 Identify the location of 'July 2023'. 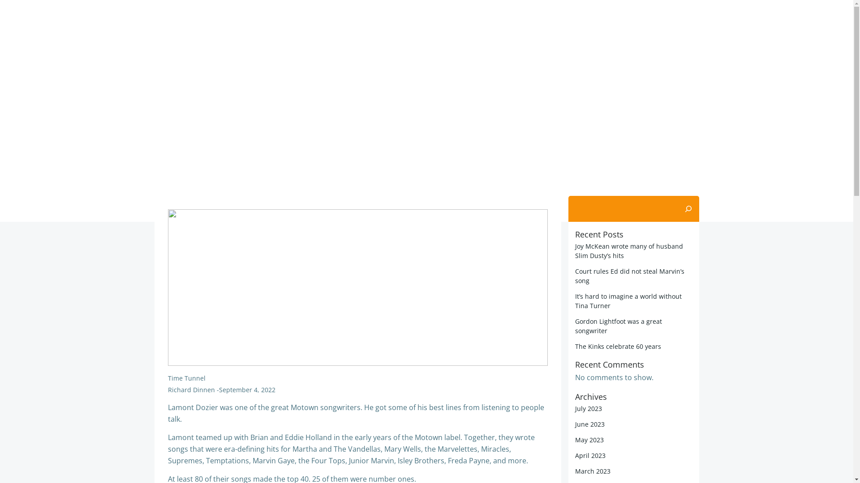
(589, 408).